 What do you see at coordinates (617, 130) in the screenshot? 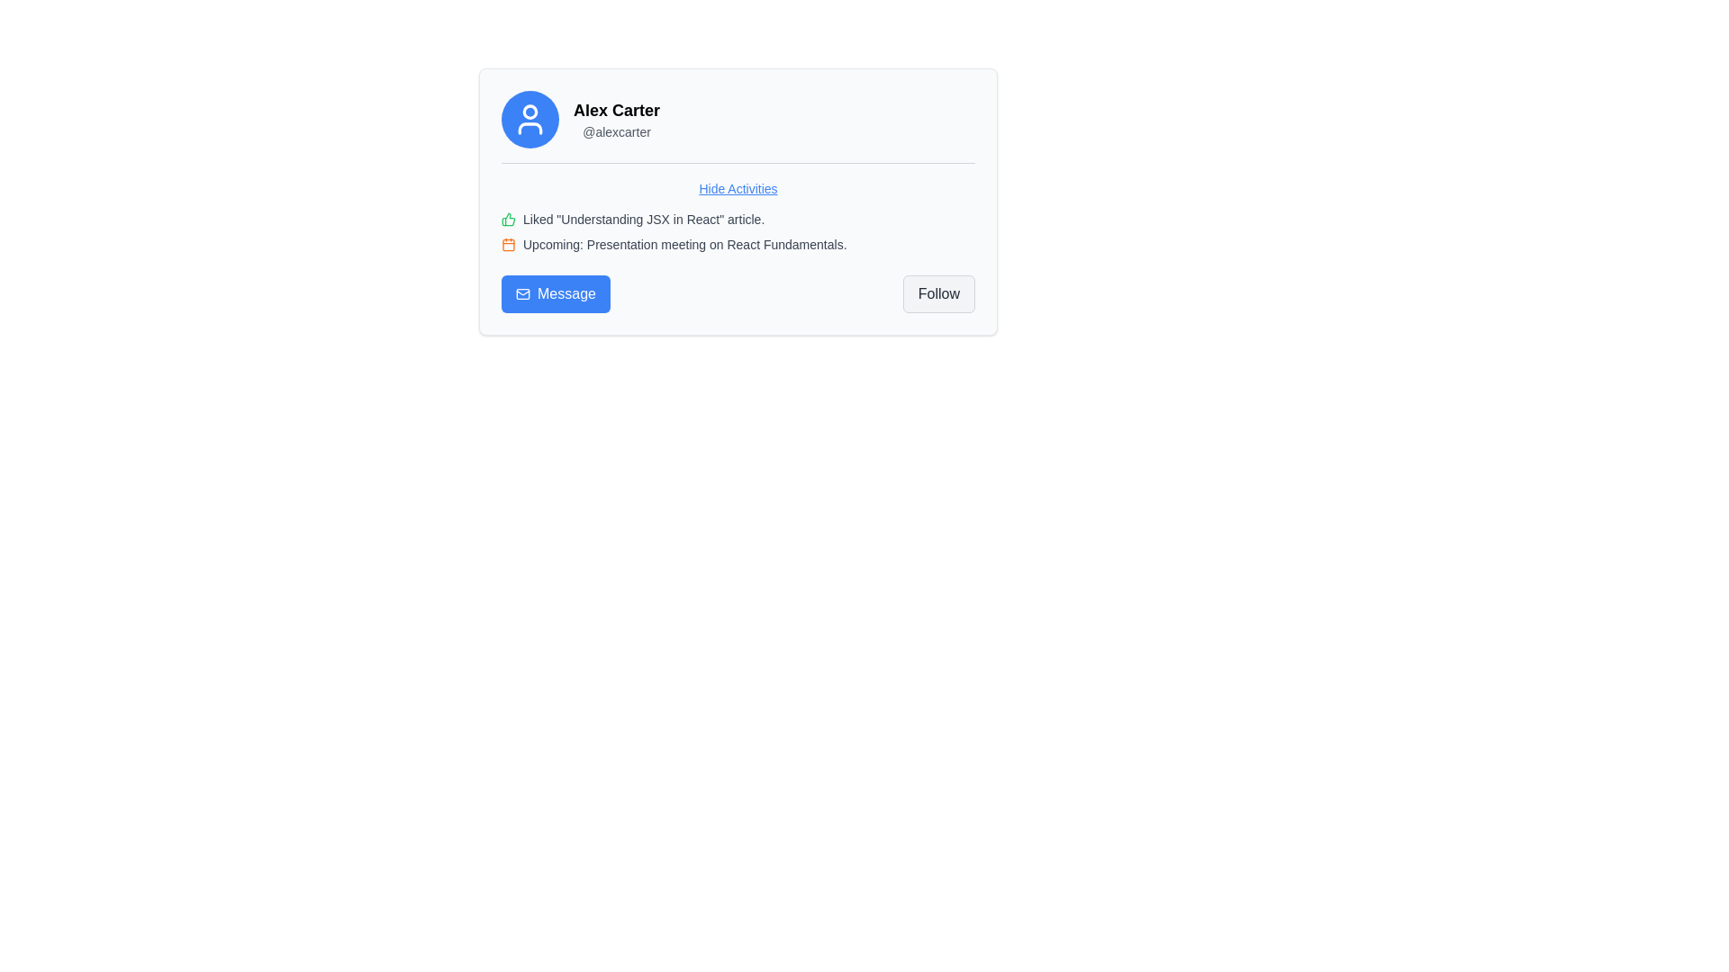
I see `the static label text displaying the username '@alexcarter', which is positioned directly below 'Alex Carter' and is styled in a lighter gray color with a smaller font size` at bounding box center [617, 130].